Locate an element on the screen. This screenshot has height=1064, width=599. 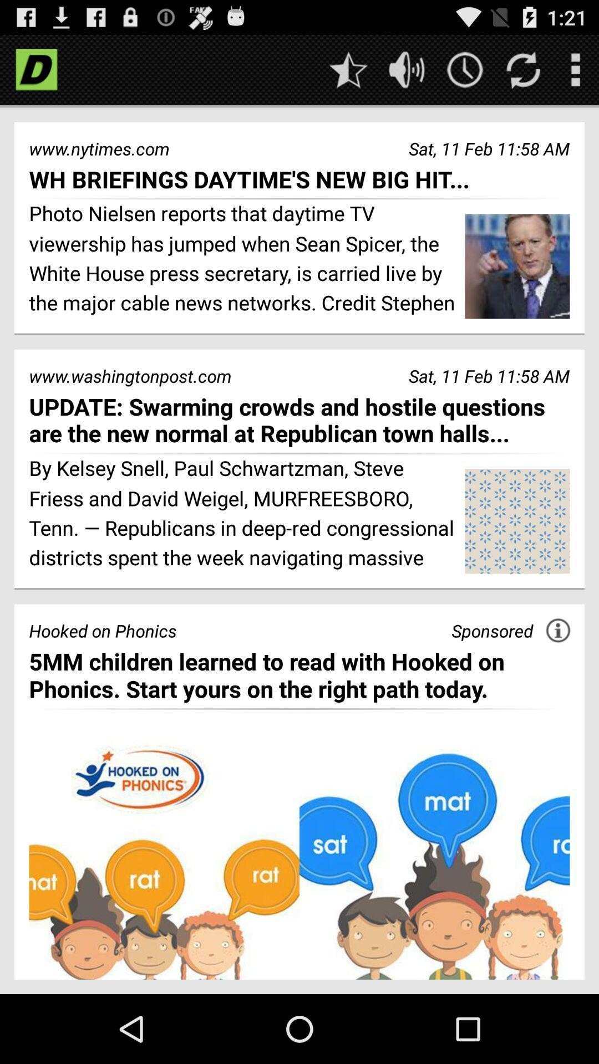
update swarming crowds app is located at coordinates (299, 420).